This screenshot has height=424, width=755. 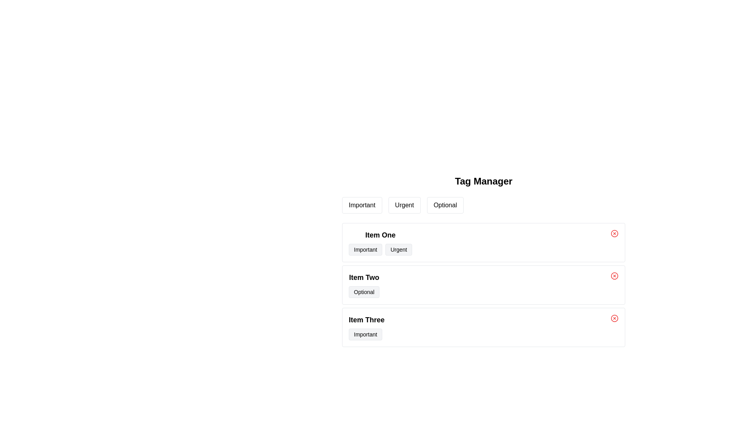 What do you see at coordinates (365, 250) in the screenshot?
I see `the Tag label indicating the importance of 'Item One', which is the first tag among its siblings and positioned directly below the 'Item One' header` at bounding box center [365, 250].